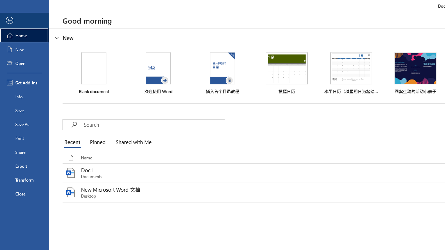 The image size is (445, 250). What do you see at coordinates (24, 20) in the screenshot?
I see `'Back'` at bounding box center [24, 20].